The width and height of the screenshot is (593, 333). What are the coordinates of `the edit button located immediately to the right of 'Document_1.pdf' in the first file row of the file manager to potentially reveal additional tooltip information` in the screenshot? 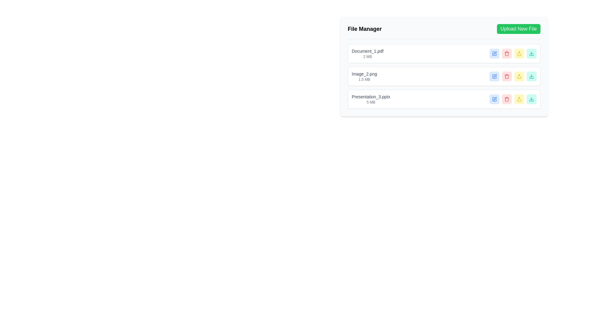 It's located at (494, 53).